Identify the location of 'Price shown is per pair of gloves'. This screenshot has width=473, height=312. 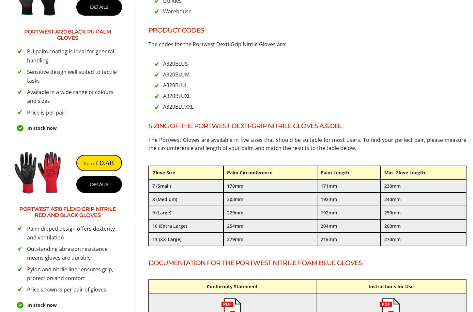
(66, 289).